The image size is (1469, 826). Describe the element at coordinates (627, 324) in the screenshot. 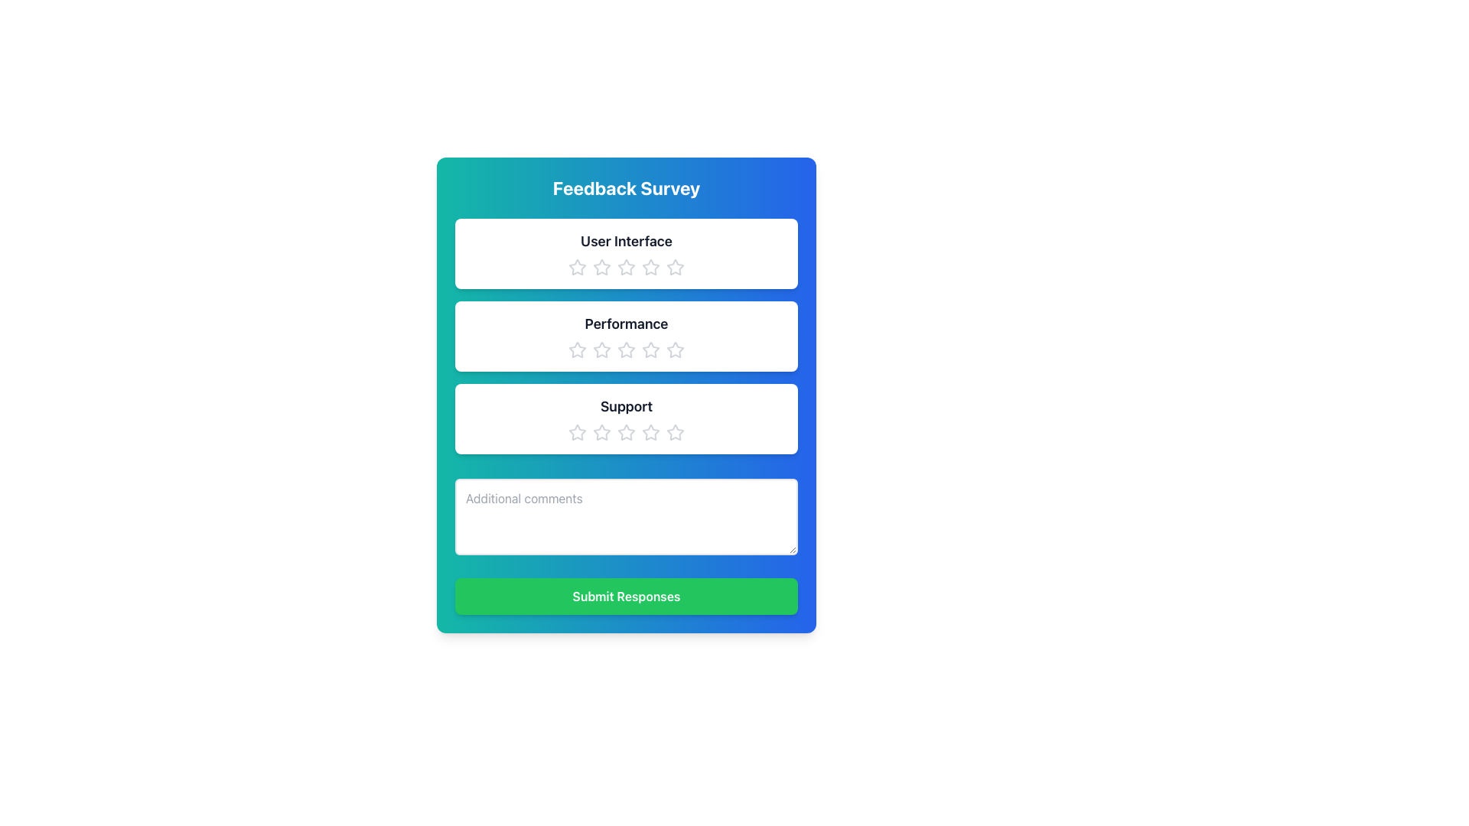

I see `the static text label displaying 'Performance', which is styled in bold dark gray and positioned as a heading above the rating section` at that location.